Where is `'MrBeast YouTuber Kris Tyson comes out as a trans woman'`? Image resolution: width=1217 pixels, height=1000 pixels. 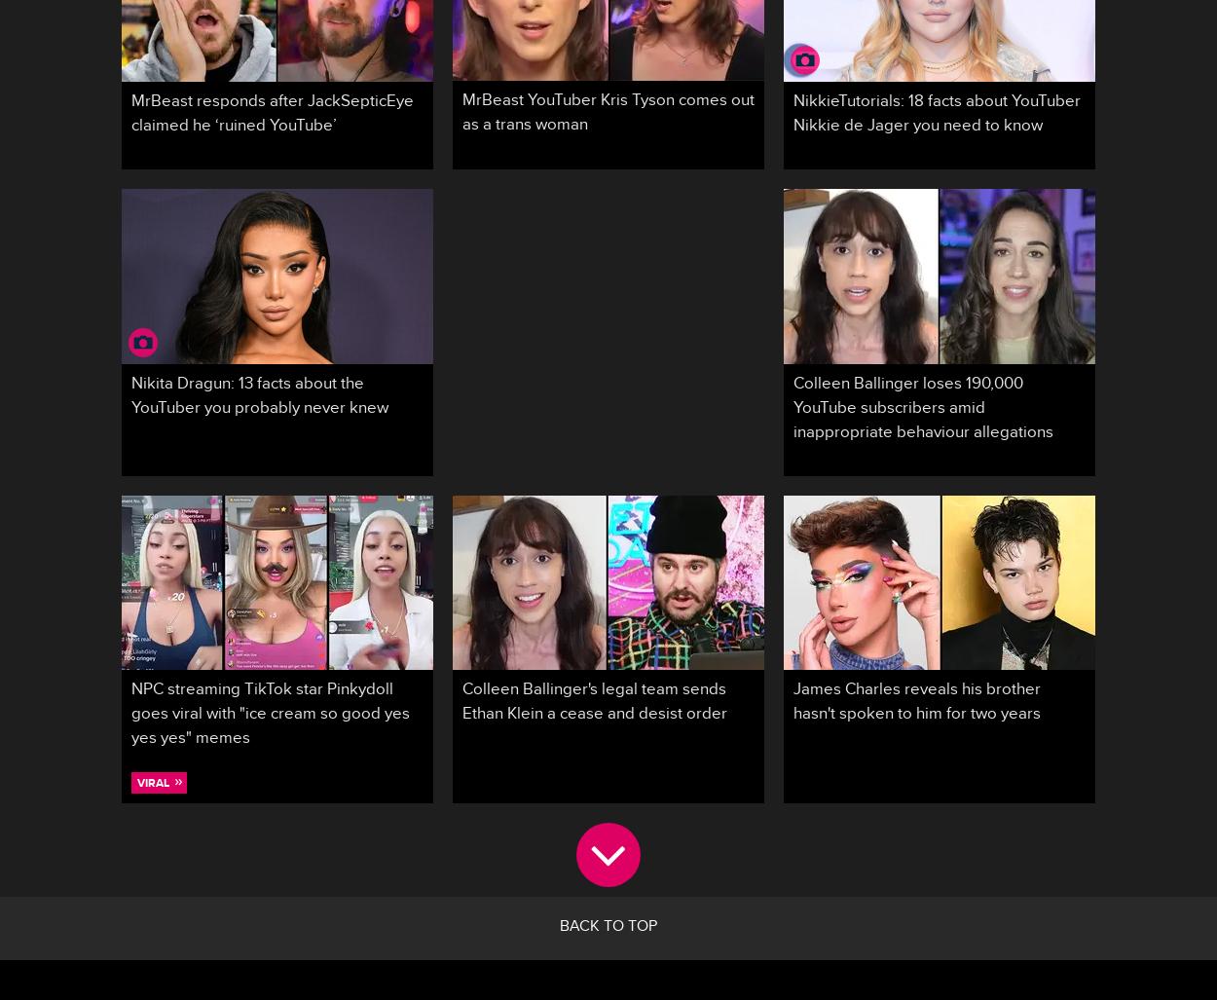
'MrBeast YouTuber Kris Tyson comes out as a trans woman' is located at coordinates (608, 115).